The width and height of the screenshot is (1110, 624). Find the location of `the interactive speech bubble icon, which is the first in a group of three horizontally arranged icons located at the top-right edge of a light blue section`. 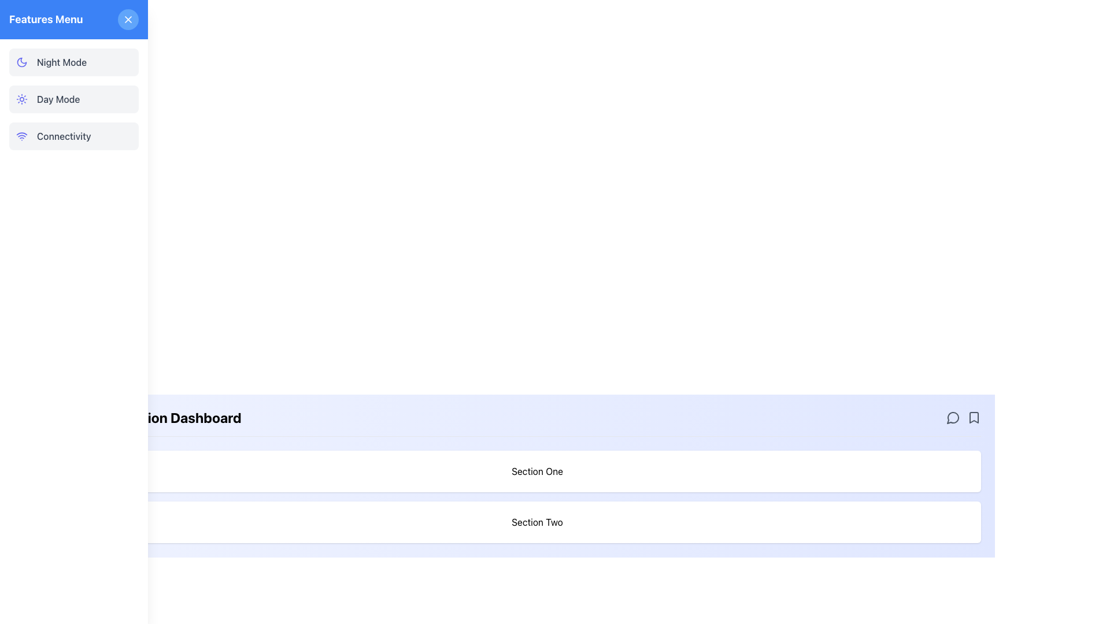

the interactive speech bubble icon, which is the first in a group of three horizontally arranged icons located at the top-right edge of a light blue section is located at coordinates (953, 417).